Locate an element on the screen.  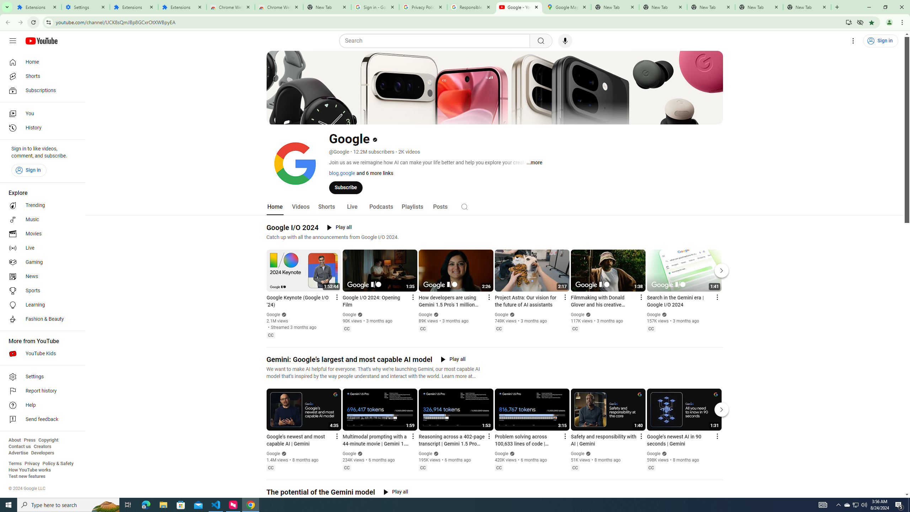
'Google I/O 2024' is located at coordinates (293, 227).